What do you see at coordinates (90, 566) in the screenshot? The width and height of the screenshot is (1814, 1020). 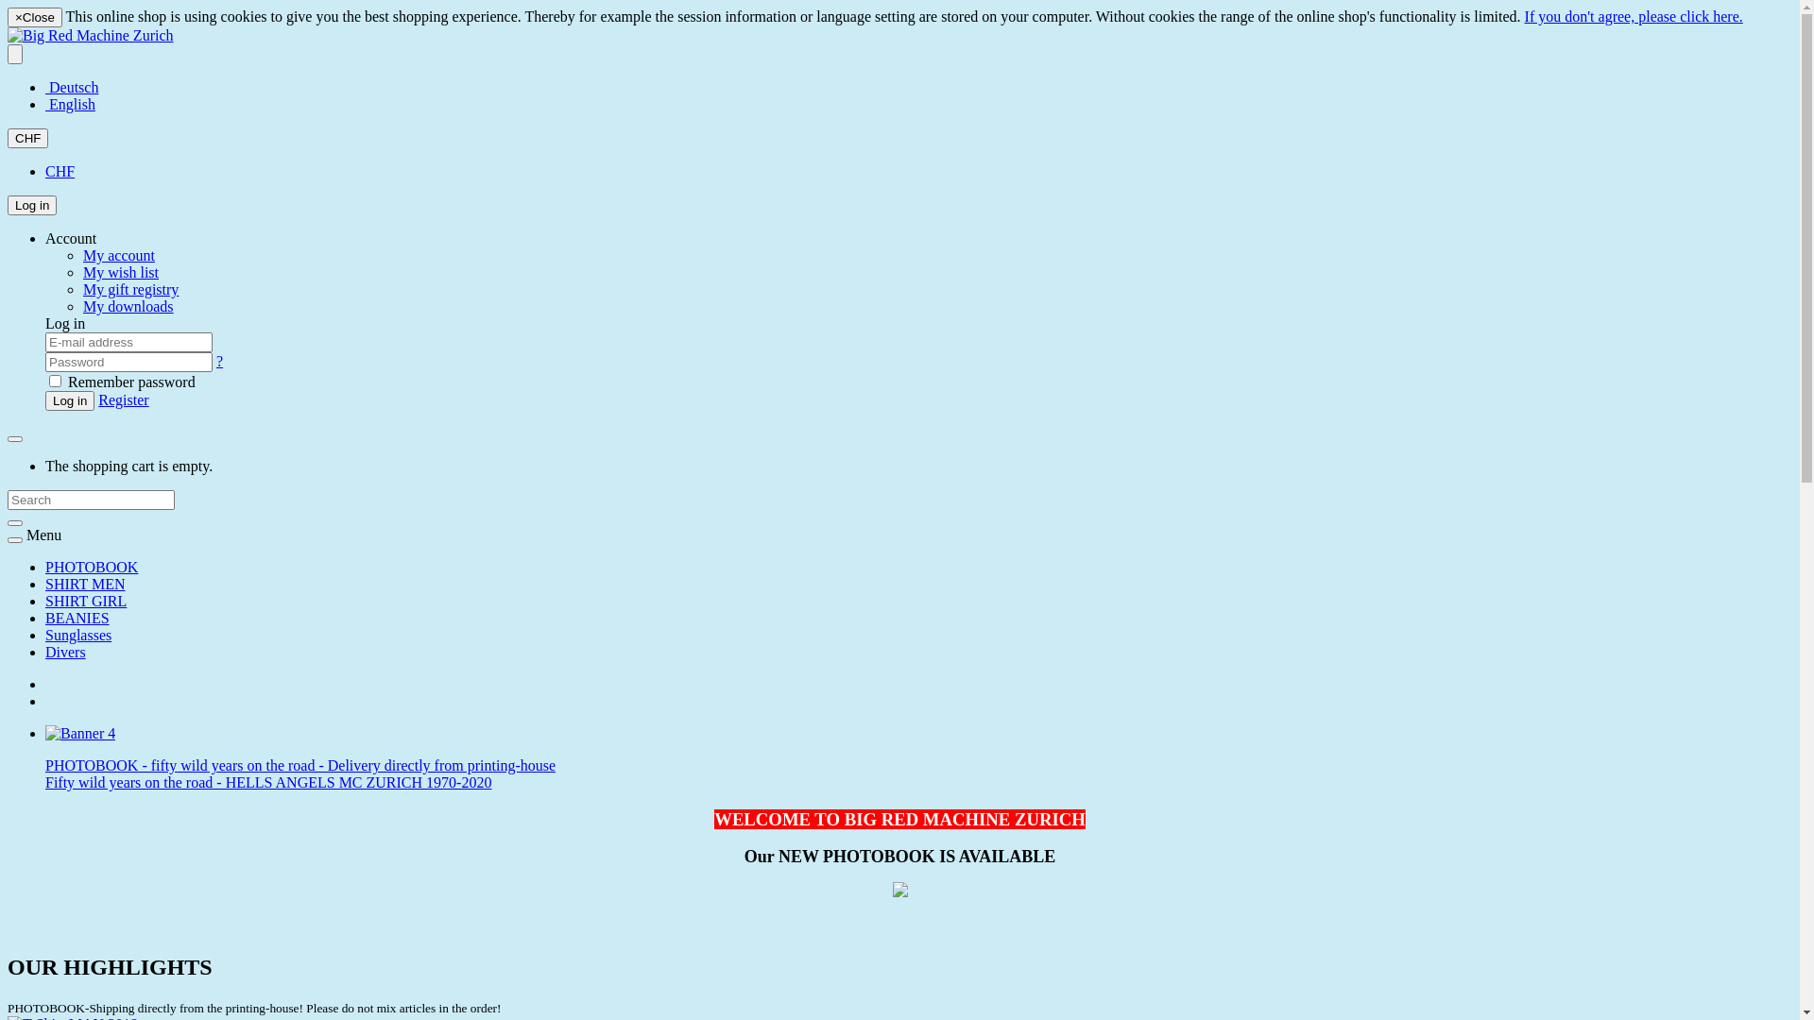 I see `'PHOTOBOOK'` at bounding box center [90, 566].